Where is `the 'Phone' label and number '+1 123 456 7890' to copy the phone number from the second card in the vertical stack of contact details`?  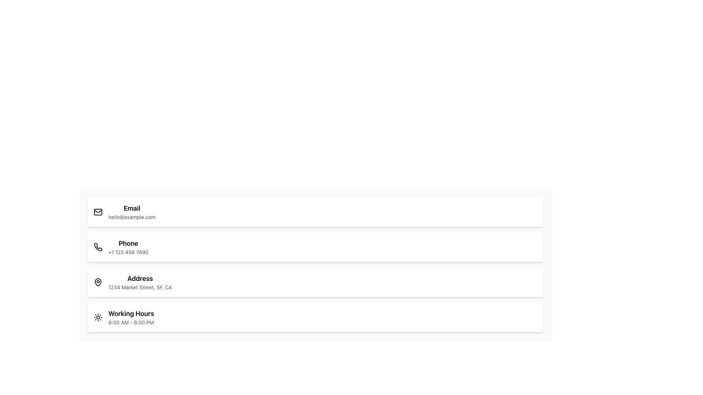 the 'Phone' label and number '+1 123 456 7890' to copy the phone number from the second card in the vertical stack of contact details is located at coordinates (128, 247).